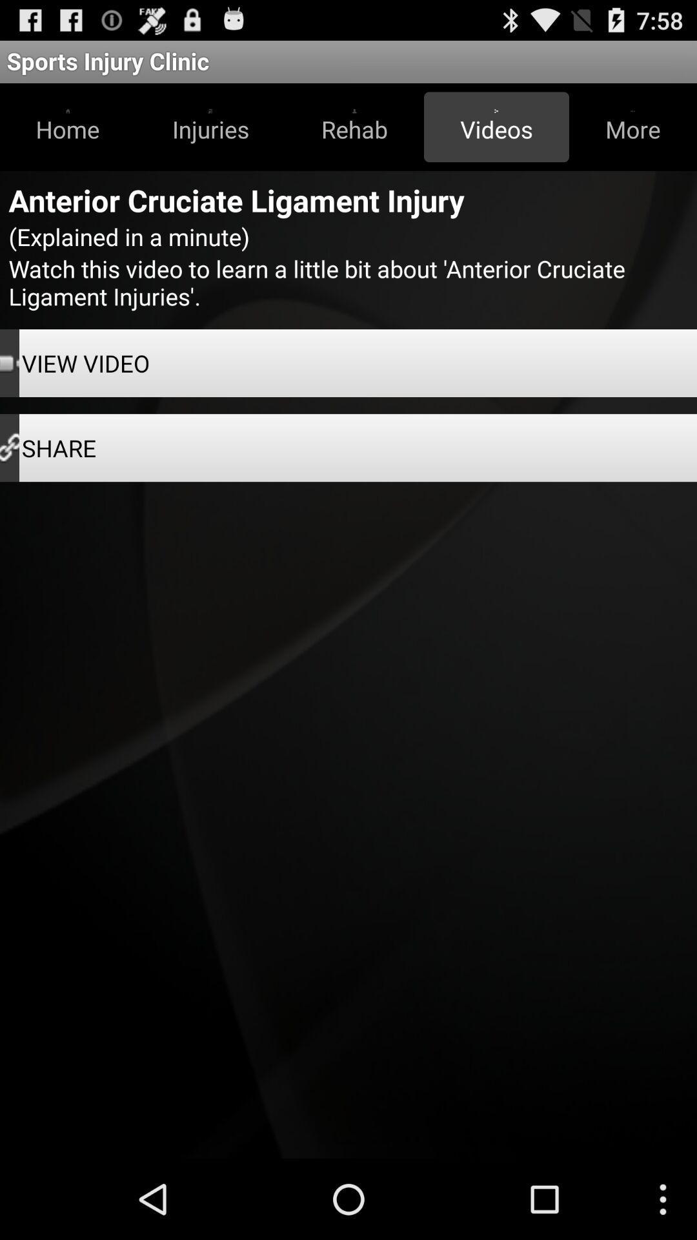 This screenshot has width=697, height=1240. Describe the element at coordinates (632, 127) in the screenshot. I see `icon next to the videos icon` at that location.